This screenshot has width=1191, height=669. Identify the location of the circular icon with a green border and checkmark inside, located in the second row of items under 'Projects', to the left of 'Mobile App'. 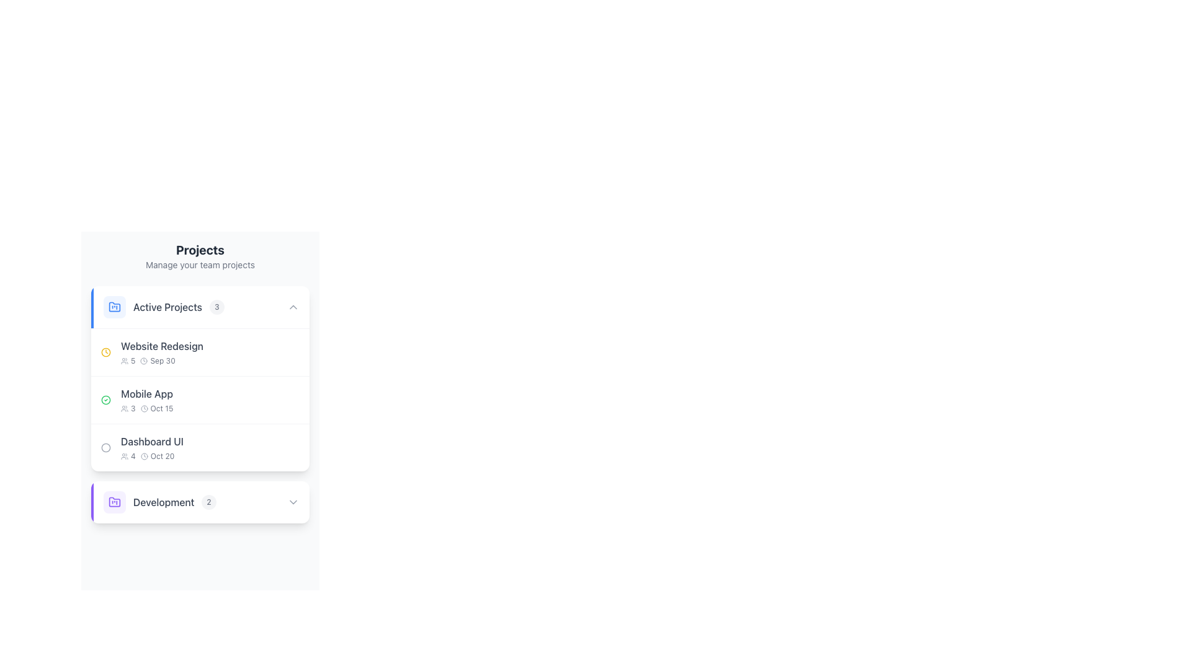
(106, 400).